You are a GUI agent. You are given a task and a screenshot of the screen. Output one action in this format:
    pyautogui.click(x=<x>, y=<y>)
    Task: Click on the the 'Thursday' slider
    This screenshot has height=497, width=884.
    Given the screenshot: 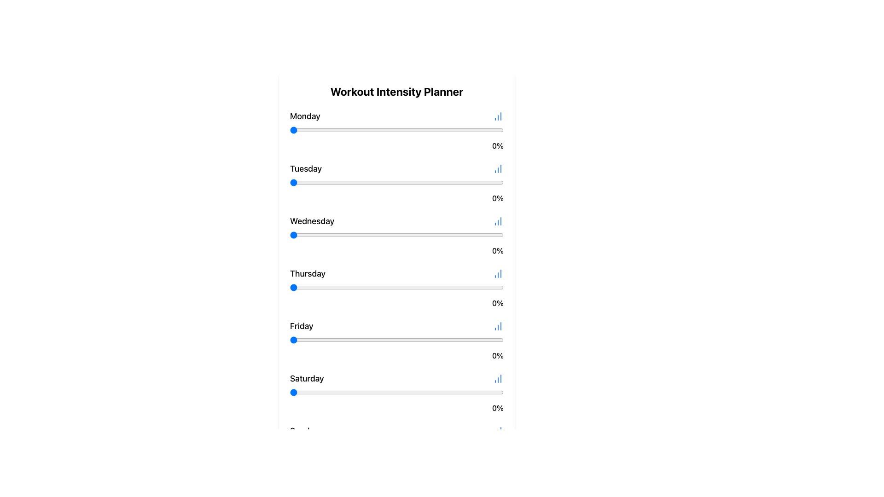 What is the action you would take?
    pyautogui.click(x=309, y=287)
    